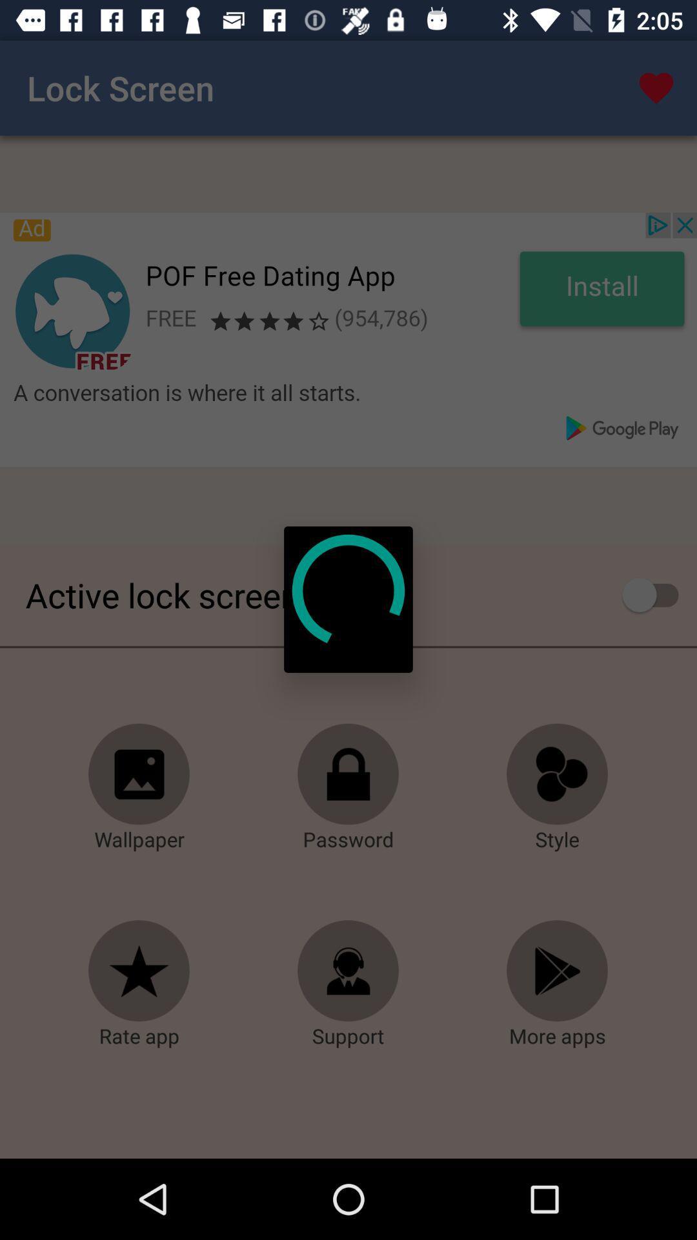 The height and width of the screenshot is (1240, 697). Describe the element at coordinates (139, 774) in the screenshot. I see `wallpaper option` at that location.